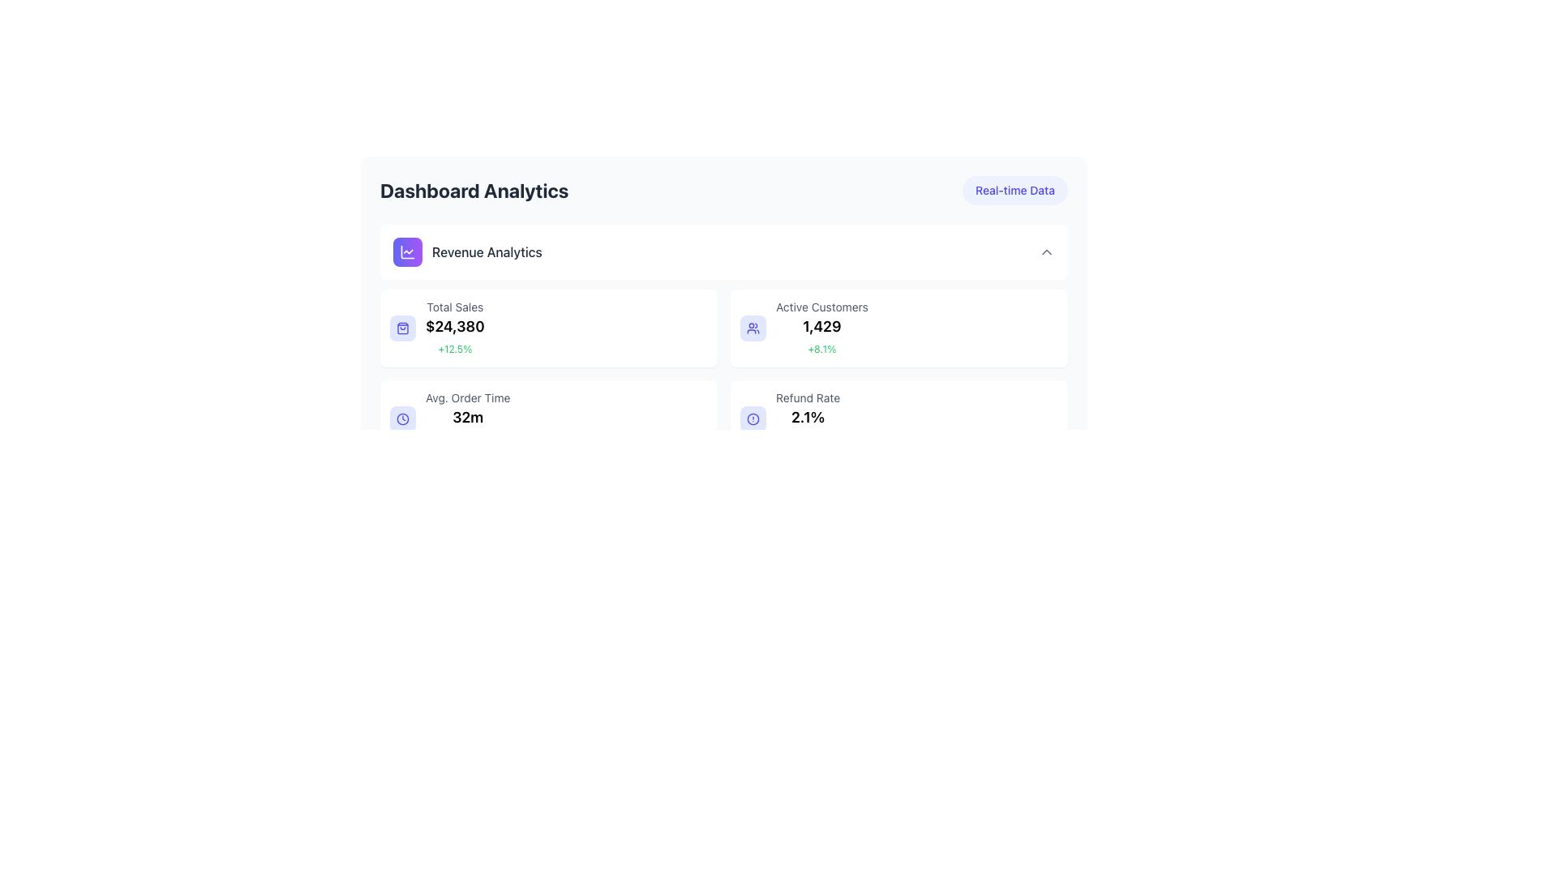 This screenshot has height=876, width=1557. Describe the element at coordinates (753, 418) in the screenshot. I see `the circular icon with a line drawing style located in the lower right corner of the first row of data tiles within the 'Dashboard Analytics' section, specifically within the tile labeled 'Refund Rate 2.1%'` at that location.